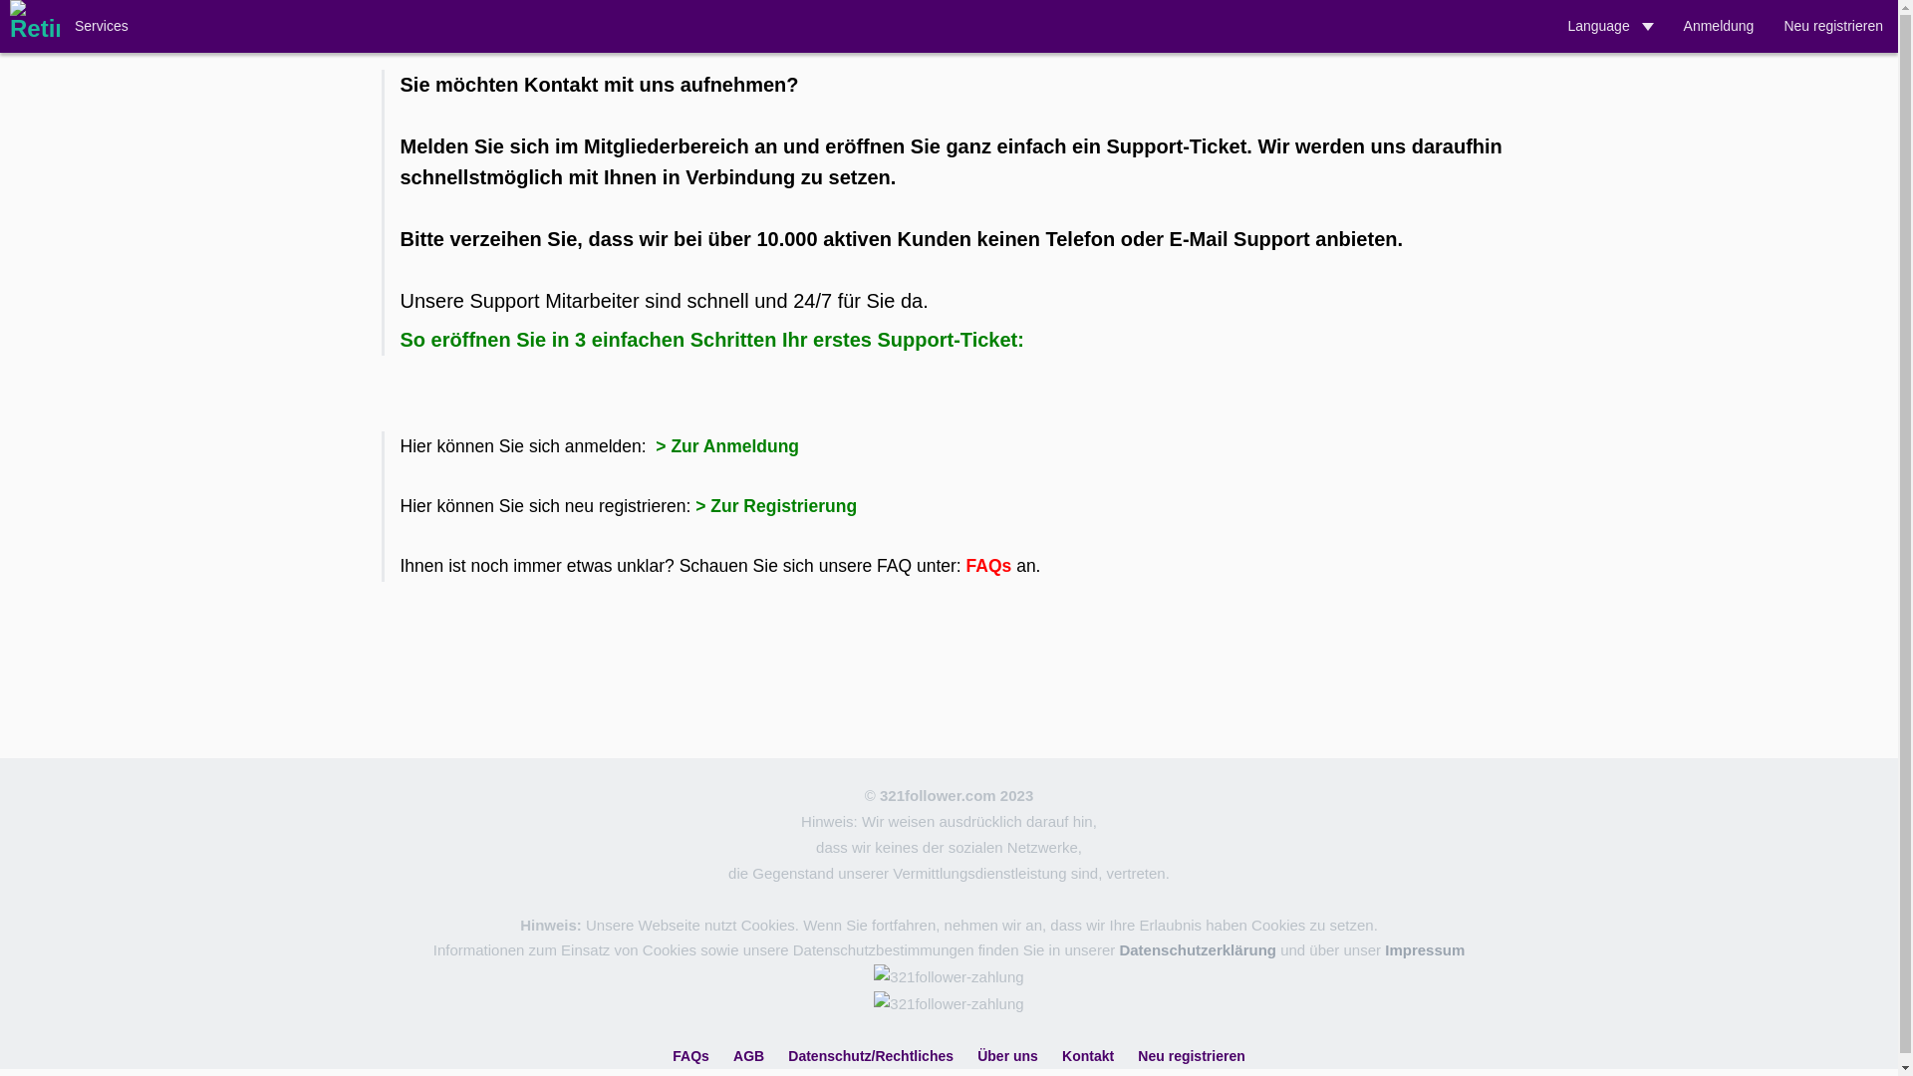 Image resolution: width=1913 pixels, height=1076 pixels. What do you see at coordinates (673, 1055) in the screenshot?
I see `'FAQs'` at bounding box center [673, 1055].